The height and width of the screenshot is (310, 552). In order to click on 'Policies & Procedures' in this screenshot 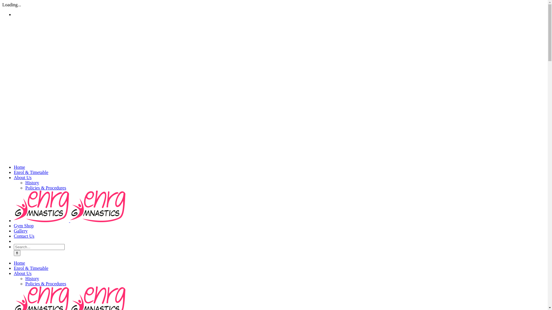, I will do `click(45, 283)`.